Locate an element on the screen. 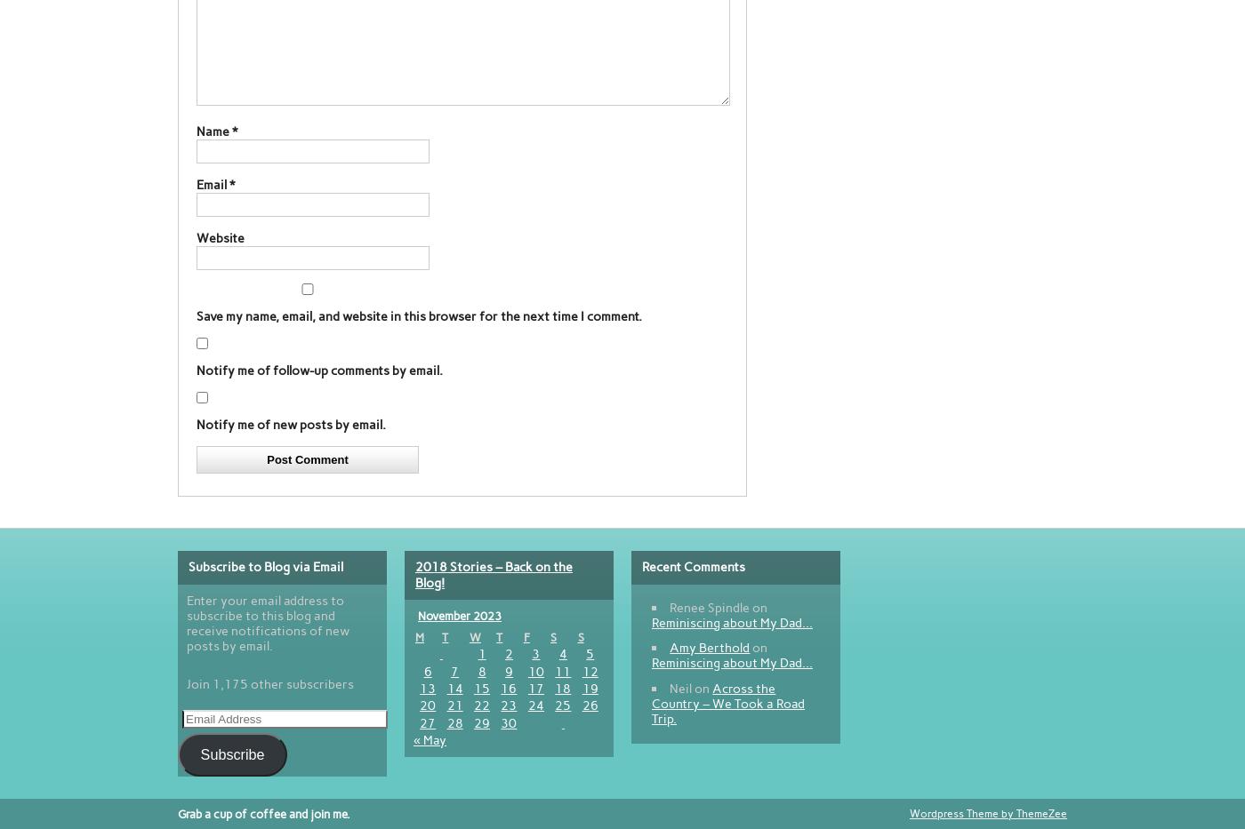 The width and height of the screenshot is (1245, 829). 'W' is located at coordinates (468, 637).